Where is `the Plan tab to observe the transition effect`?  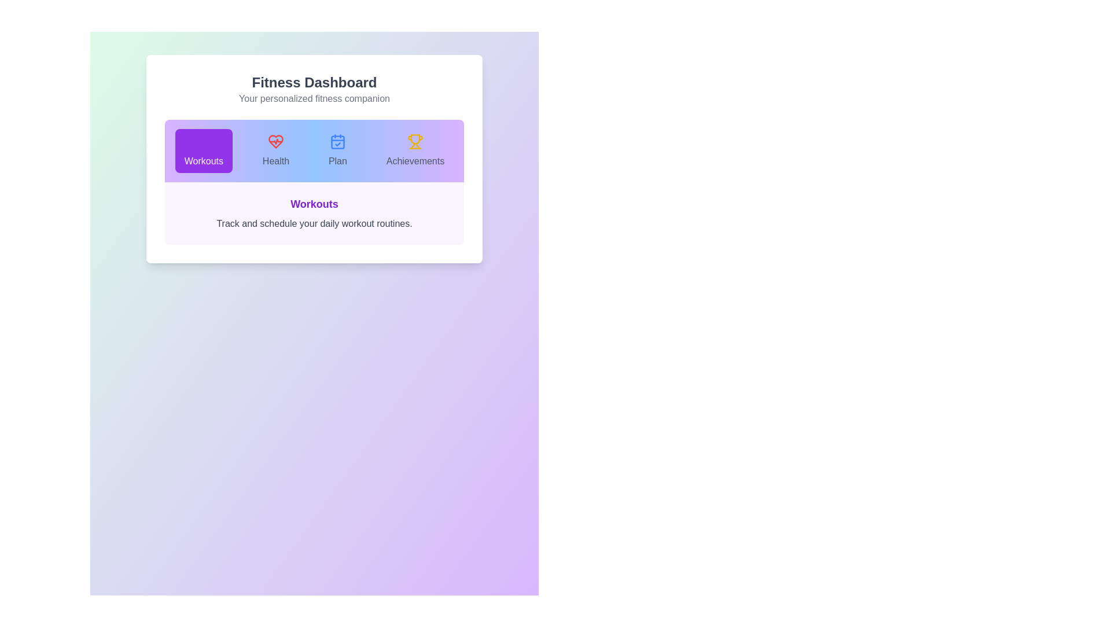 the Plan tab to observe the transition effect is located at coordinates (337, 150).